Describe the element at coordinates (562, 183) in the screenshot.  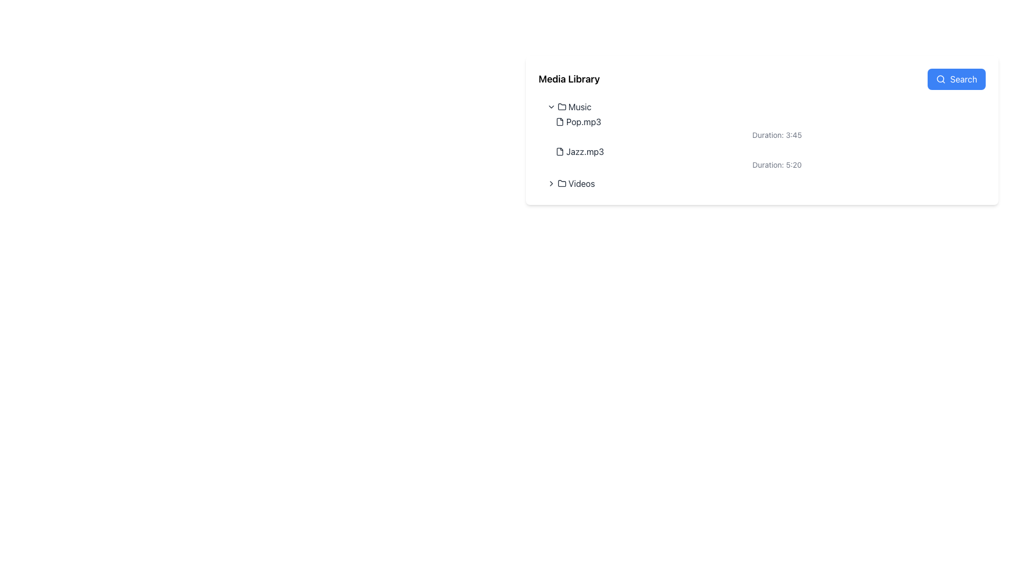
I see `the folder icon associated with the 'Videos' label in the 'Media Library' section` at that location.